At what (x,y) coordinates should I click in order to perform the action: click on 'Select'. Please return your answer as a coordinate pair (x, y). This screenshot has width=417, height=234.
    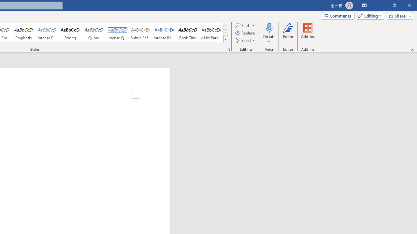
    Looking at the image, I should click on (245, 40).